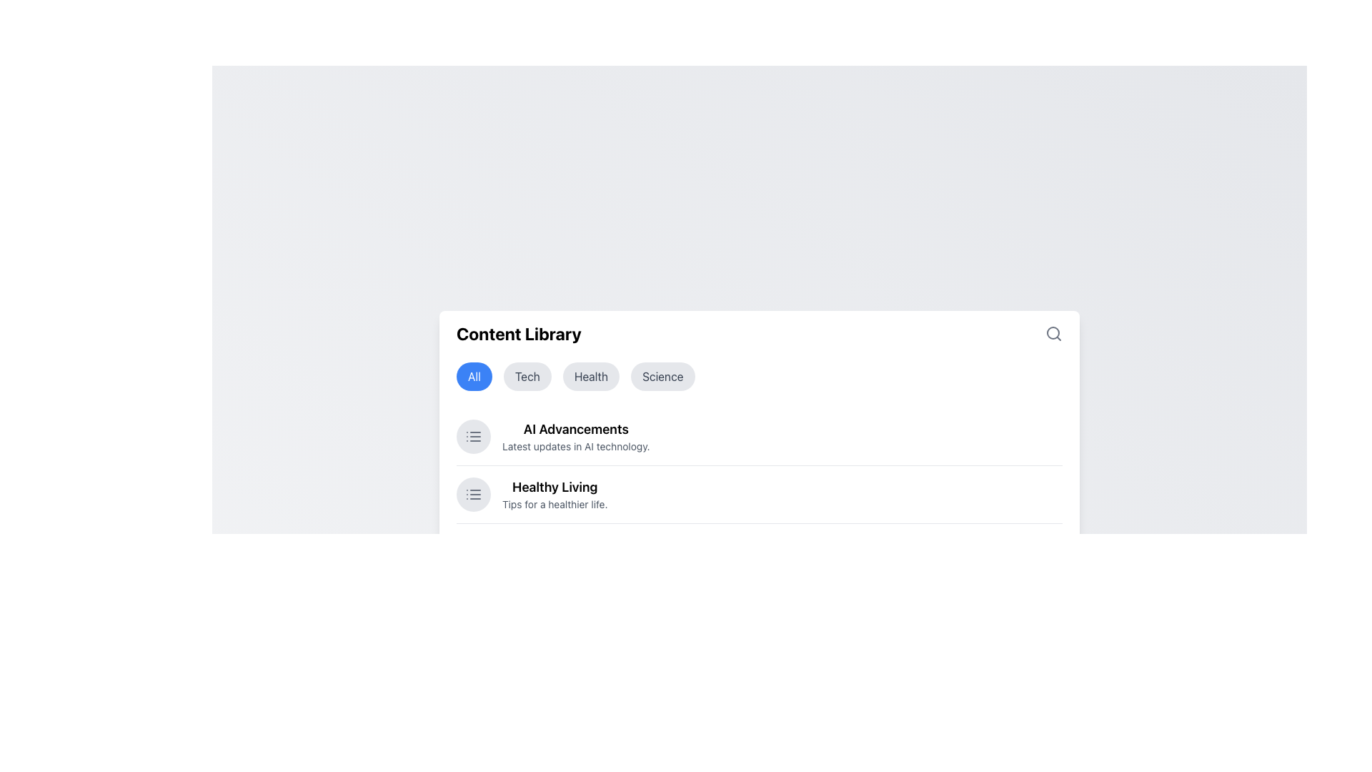 The width and height of the screenshot is (1372, 772). I want to click on the 'Tech' category filter button located under the 'Content Library' heading, which is the second button from the left, to observe the visual effect, so click(527, 376).